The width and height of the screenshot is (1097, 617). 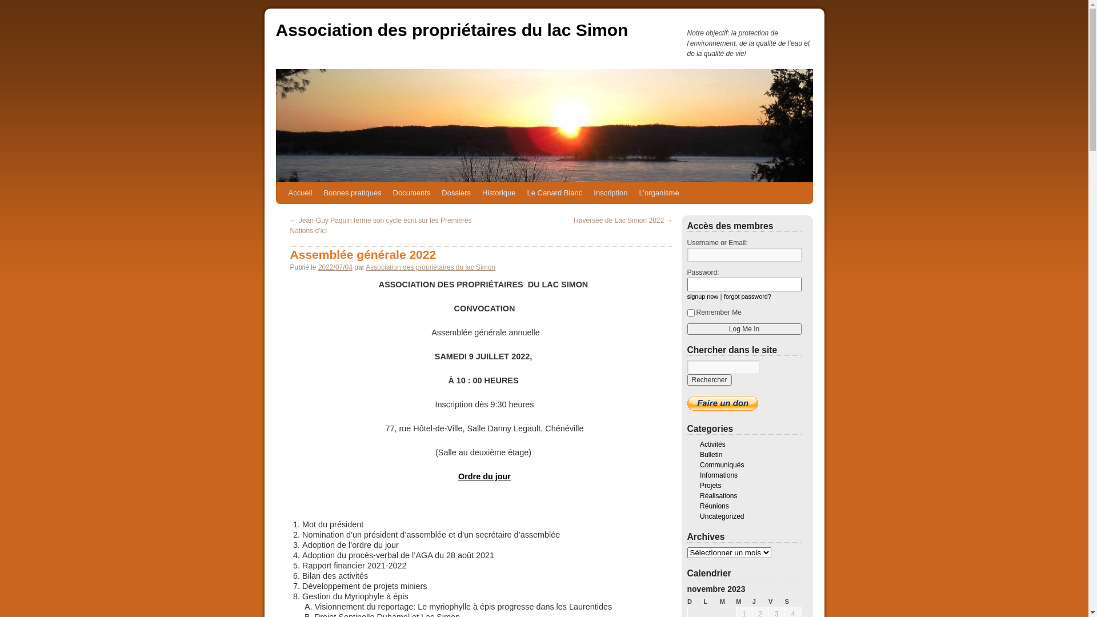 I want to click on 'Password', so click(x=743, y=283).